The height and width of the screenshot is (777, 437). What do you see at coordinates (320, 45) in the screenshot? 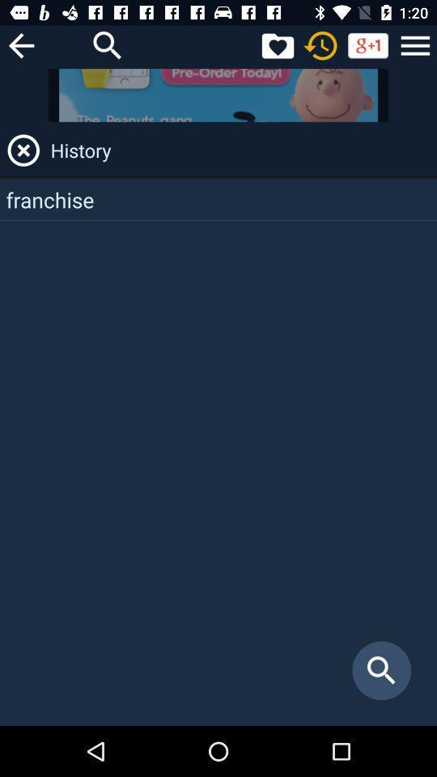
I see `refresh page` at bounding box center [320, 45].